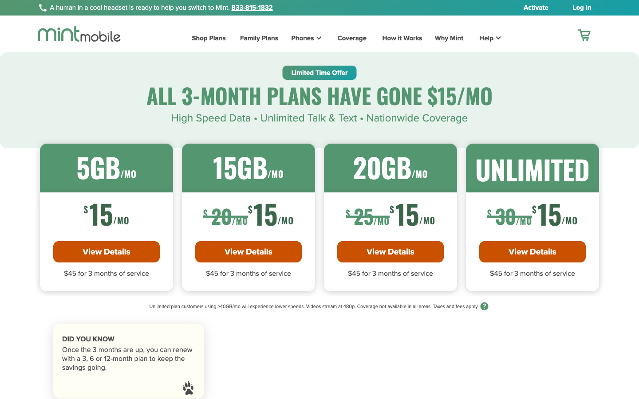  Describe the element at coordinates (300, 39) in the screenshot. I see `the Phones Section` at that location.